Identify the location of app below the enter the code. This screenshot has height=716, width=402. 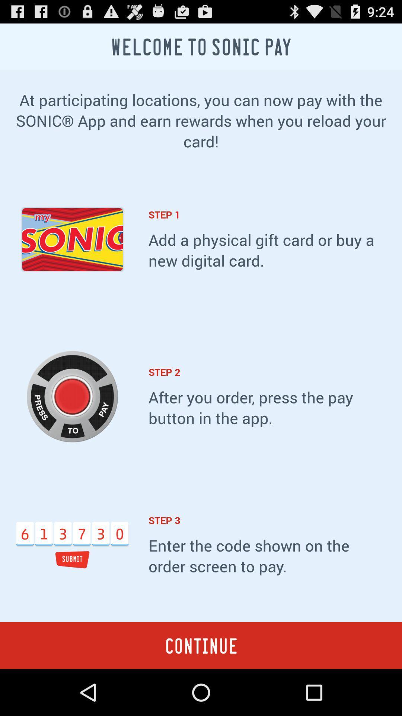
(201, 645).